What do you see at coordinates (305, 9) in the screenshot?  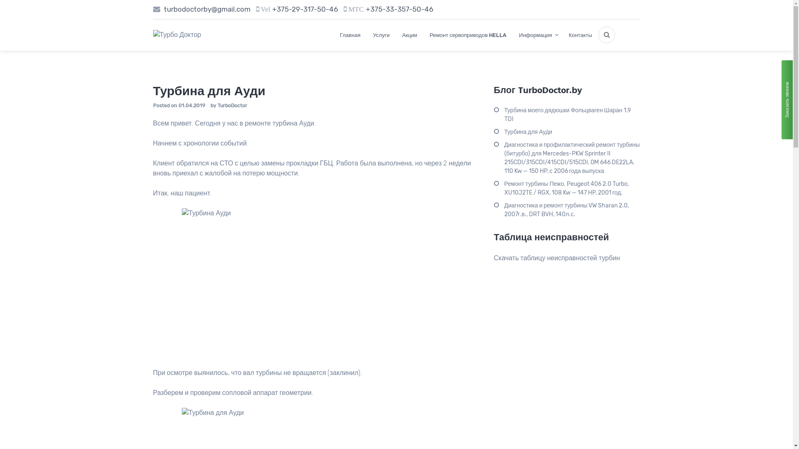 I see `'+375-29-317-50-46'` at bounding box center [305, 9].